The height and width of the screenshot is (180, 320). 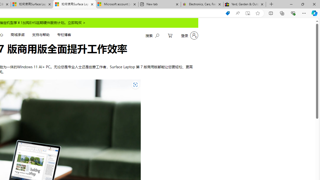 I want to click on 'Shopping in Microsoft Edge', so click(x=227, y=13).